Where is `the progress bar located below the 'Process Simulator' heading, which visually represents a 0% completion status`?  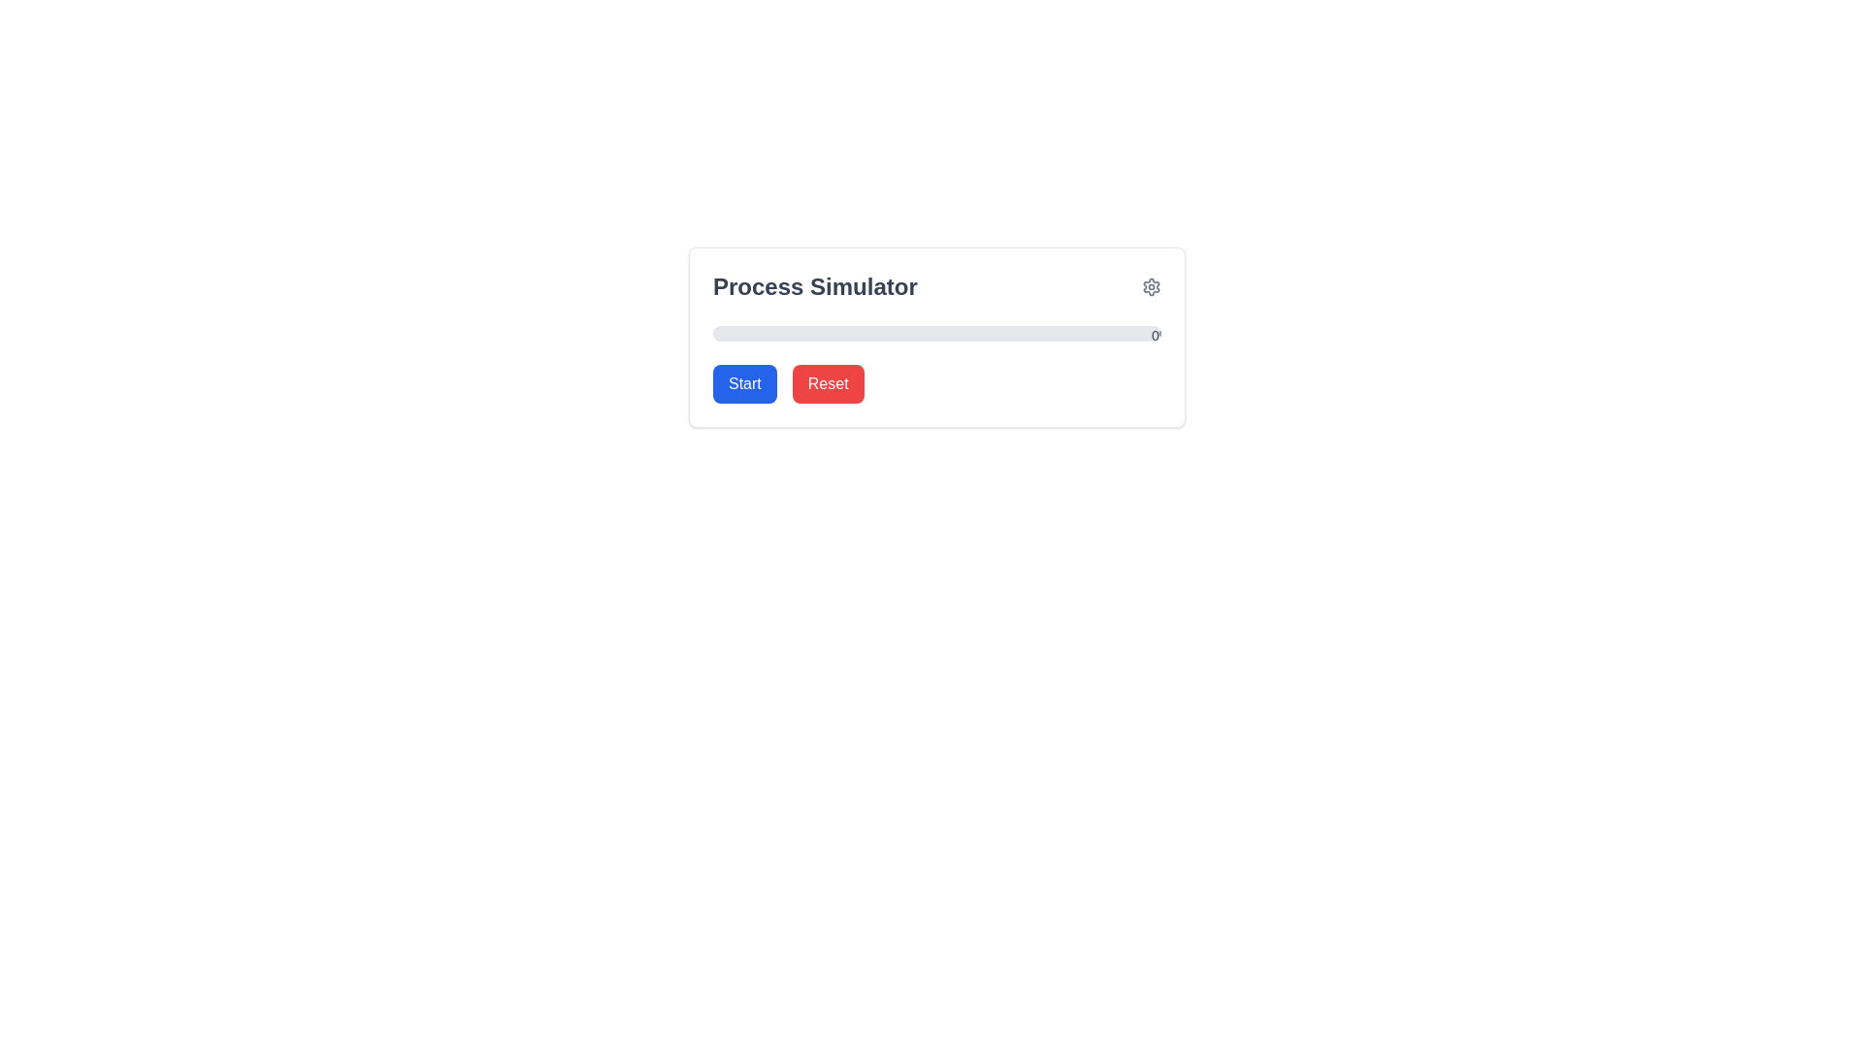
the progress bar located below the 'Process Simulator' heading, which visually represents a 0% completion status is located at coordinates (936, 332).